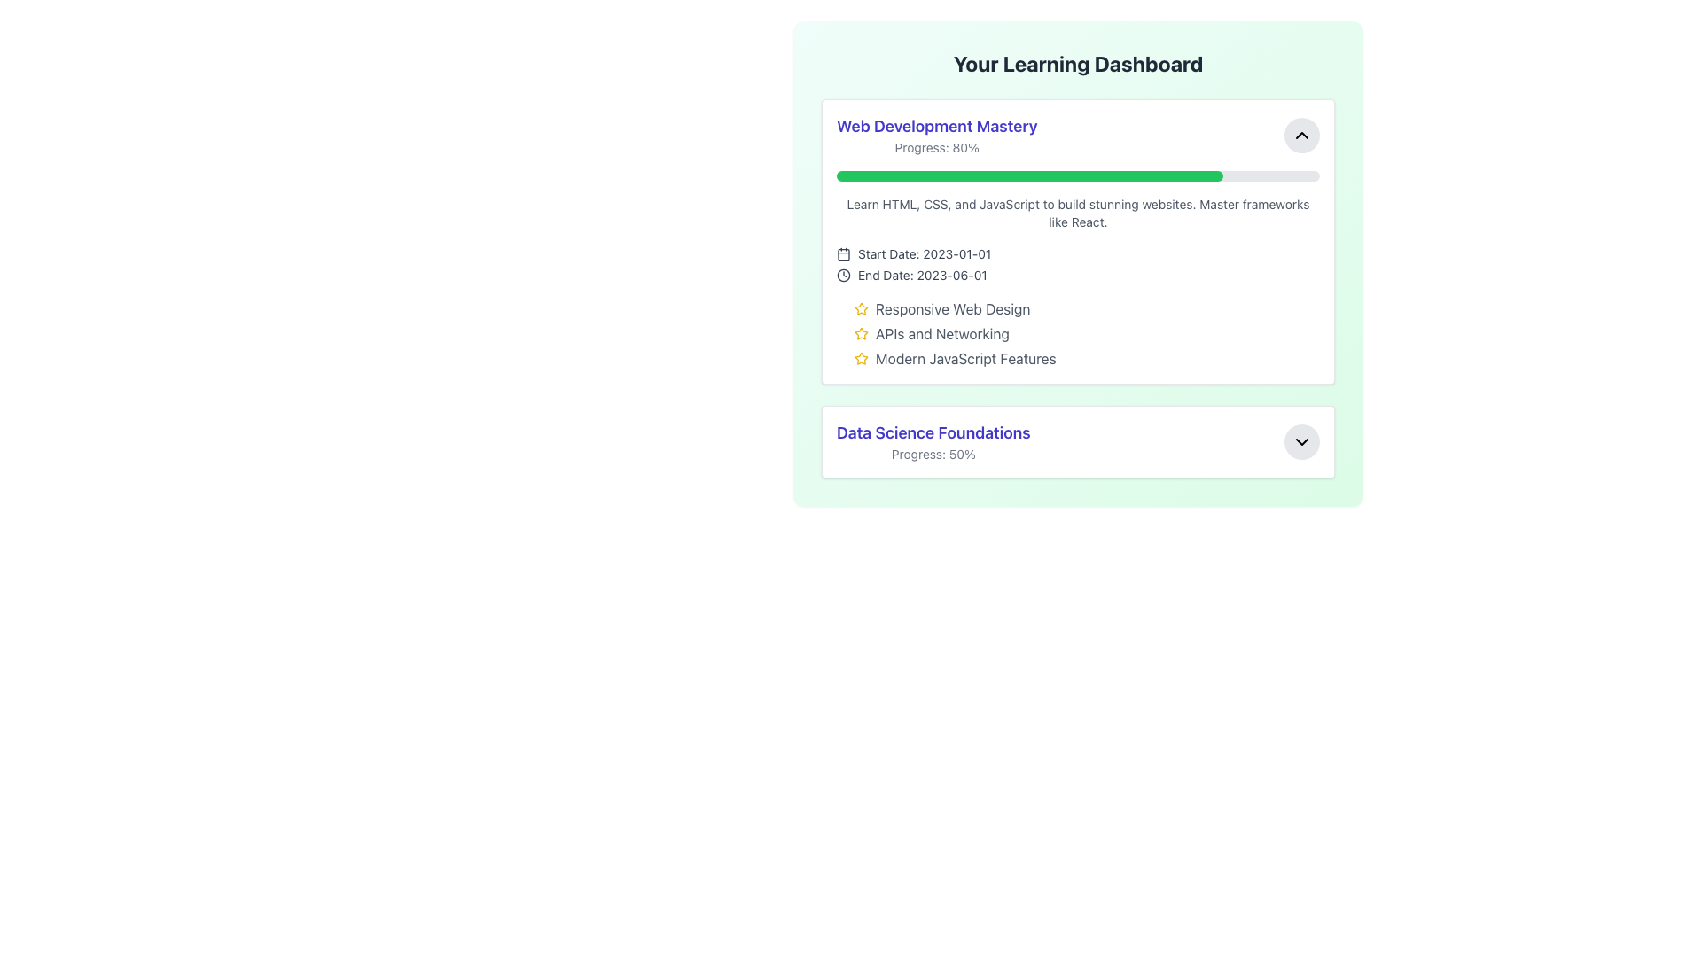  What do you see at coordinates (936, 125) in the screenshot?
I see `the title text introducing the course content, which is located at the top of the section above the 'Progress: 80%' text` at bounding box center [936, 125].